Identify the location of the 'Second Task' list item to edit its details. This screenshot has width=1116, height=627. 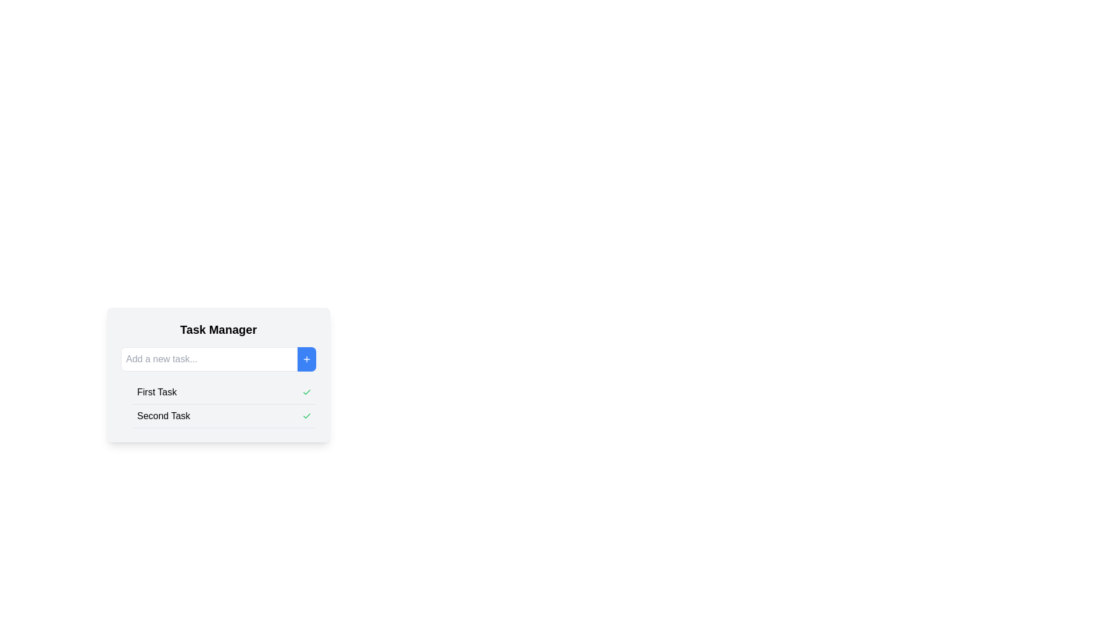
(224, 416).